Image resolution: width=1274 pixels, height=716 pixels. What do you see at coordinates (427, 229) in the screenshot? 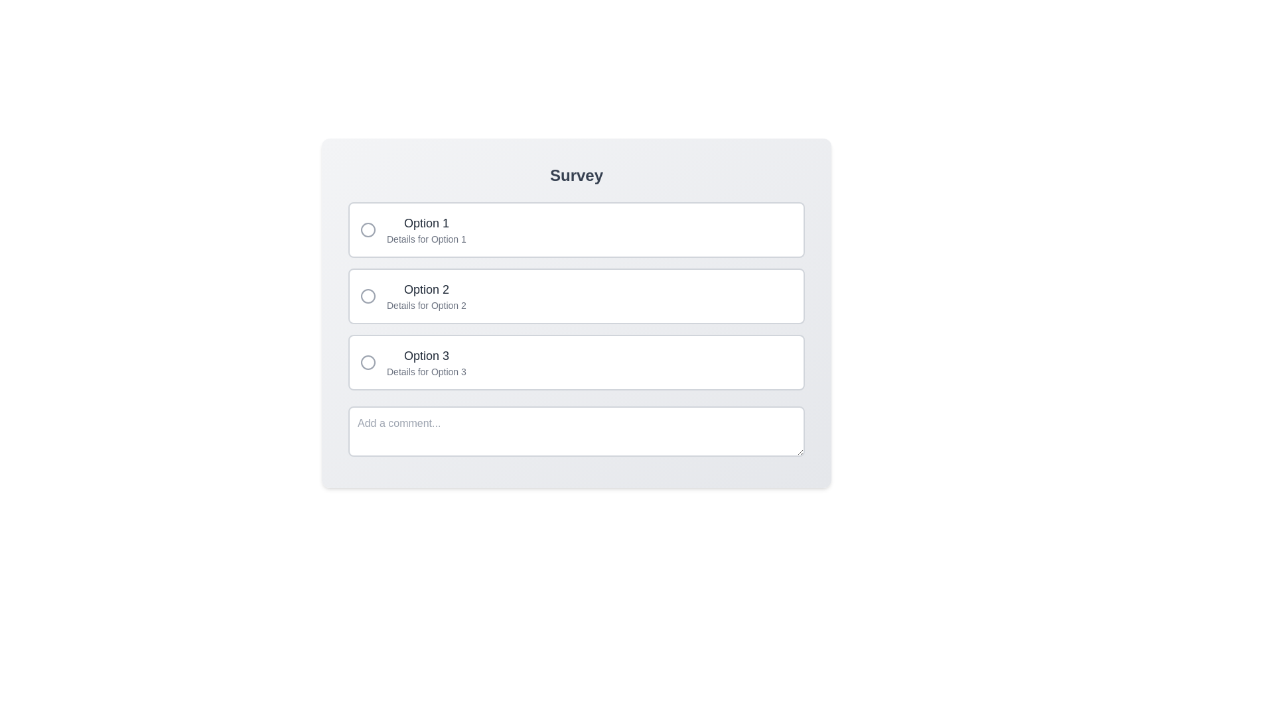
I see `the text block displaying 'Option 1' and 'Details for Option 1'` at bounding box center [427, 229].